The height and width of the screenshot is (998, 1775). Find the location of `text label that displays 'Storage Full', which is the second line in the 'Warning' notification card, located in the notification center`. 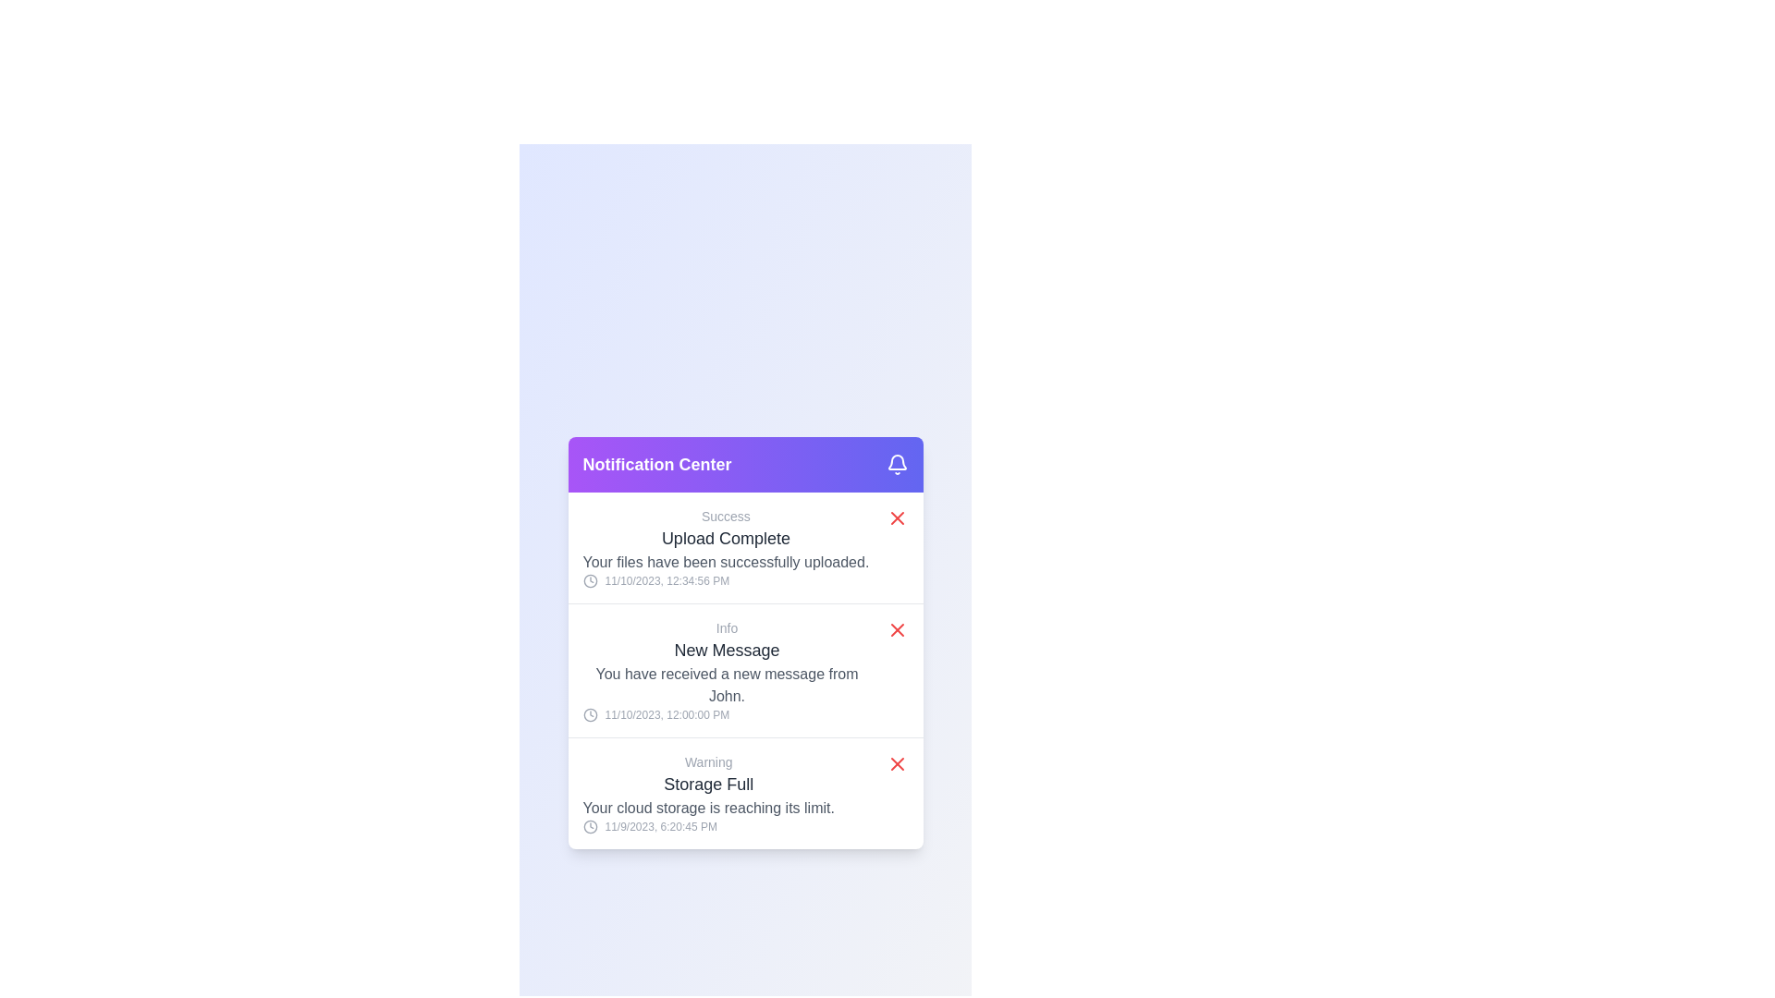

text label that displays 'Storage Full', which is the second line in the 'Warning' notification card, located in the notification center is located at coordinates (707, 784).